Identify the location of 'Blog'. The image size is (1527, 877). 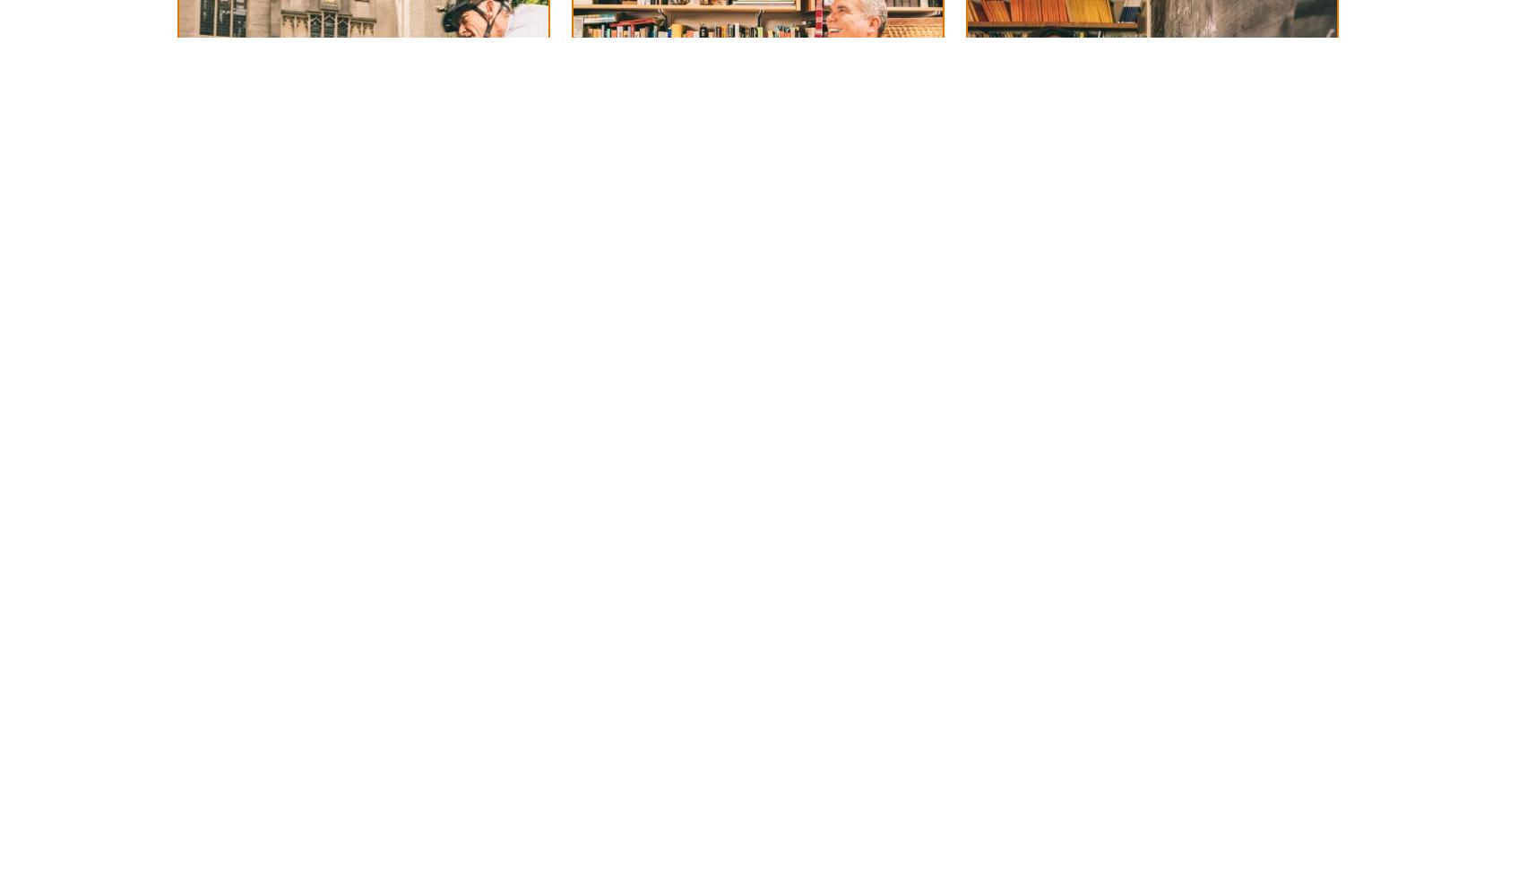
(483, 50).